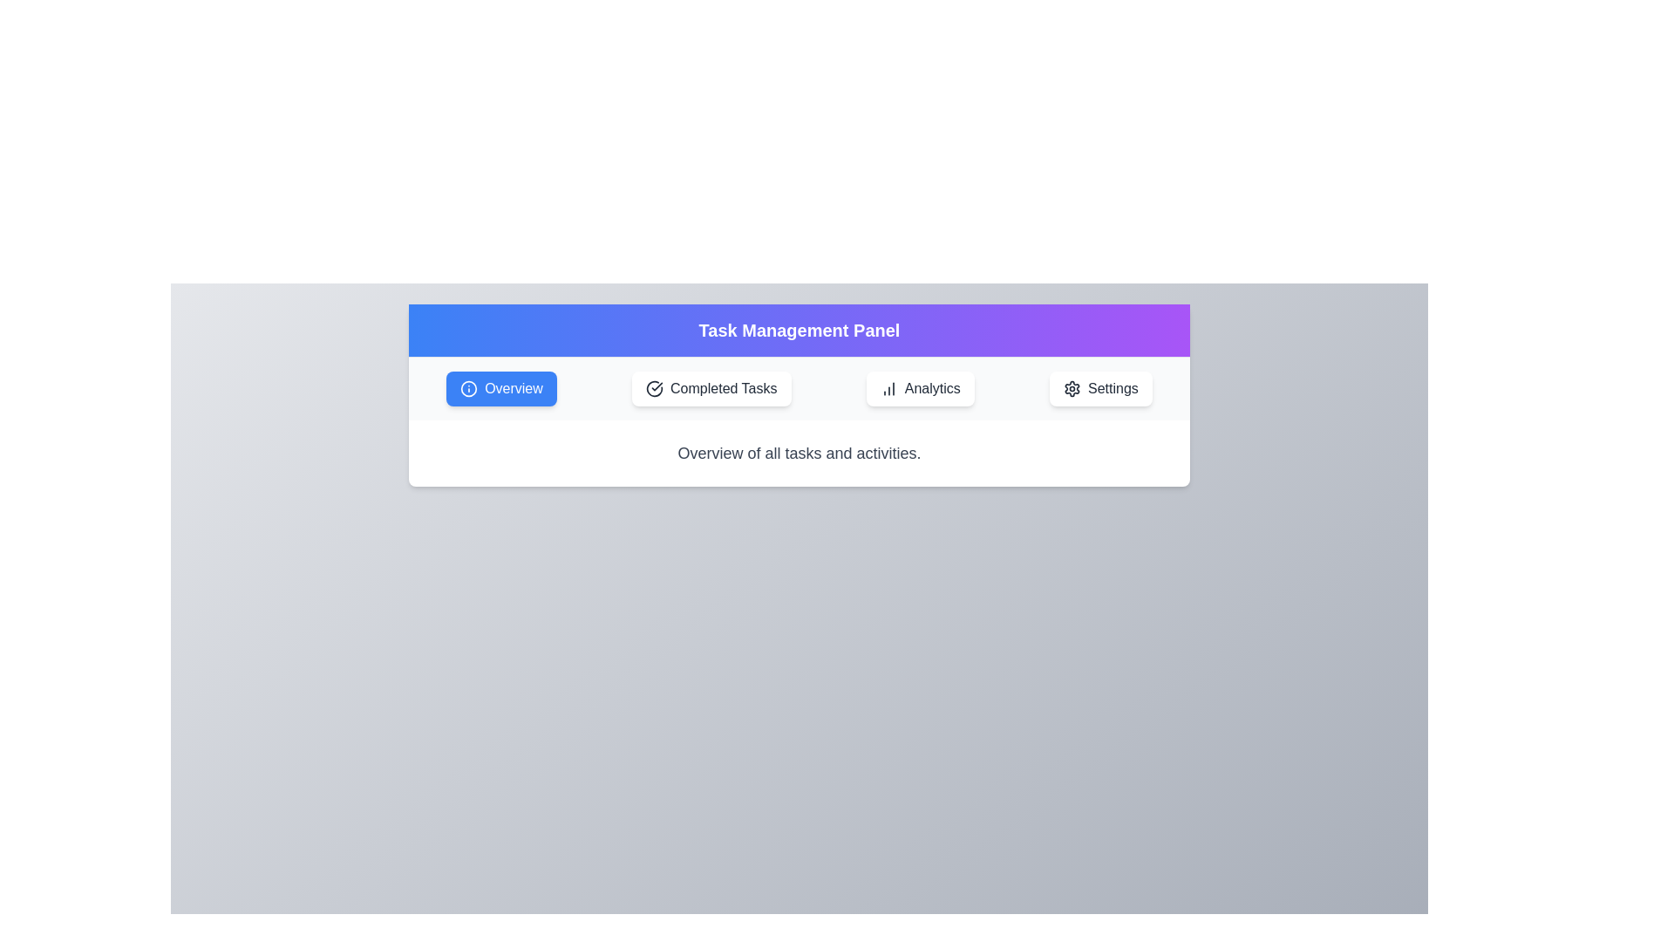  What do you see at coordinates (1071, 388) in the screenshot?
I see `the gear-shaped settings icon located in the navigation bar` at bounding box center [1071, 388].